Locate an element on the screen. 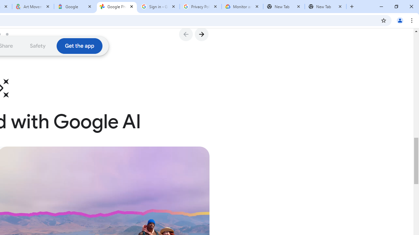  'Go to slide 3' is located at coordinates (9, 34).